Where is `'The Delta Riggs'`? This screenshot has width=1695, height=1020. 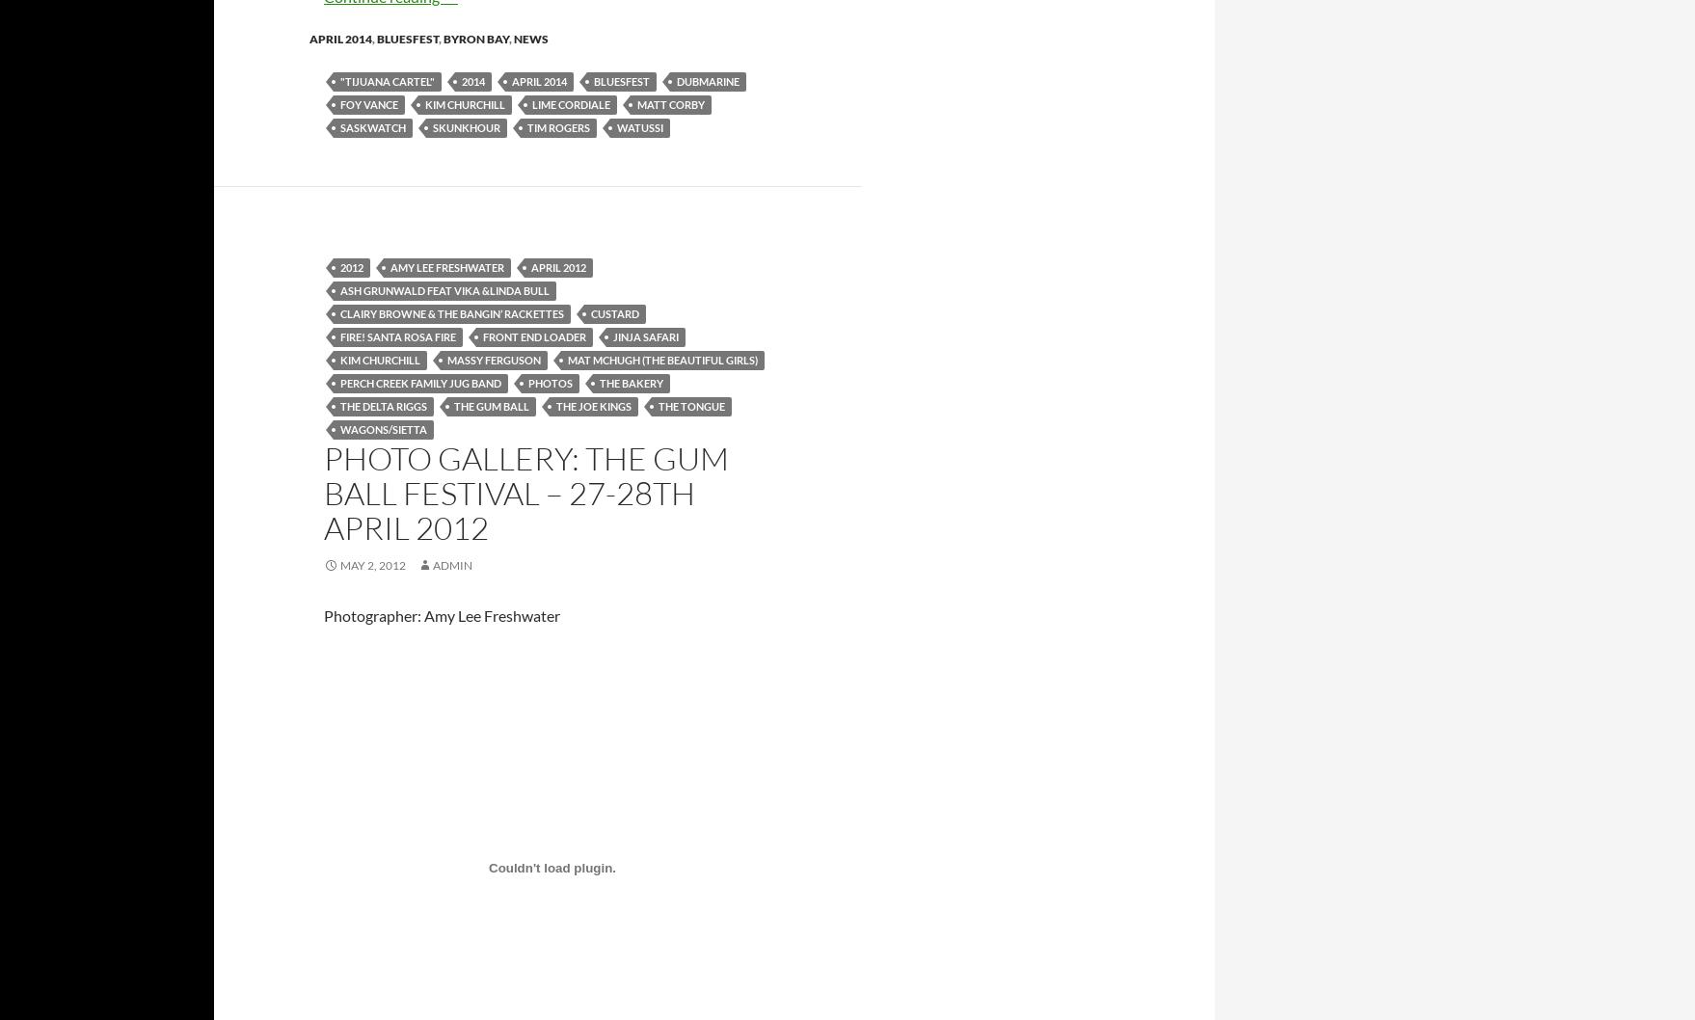 'The Delta Riggs' is located at coordinates (384, 405).